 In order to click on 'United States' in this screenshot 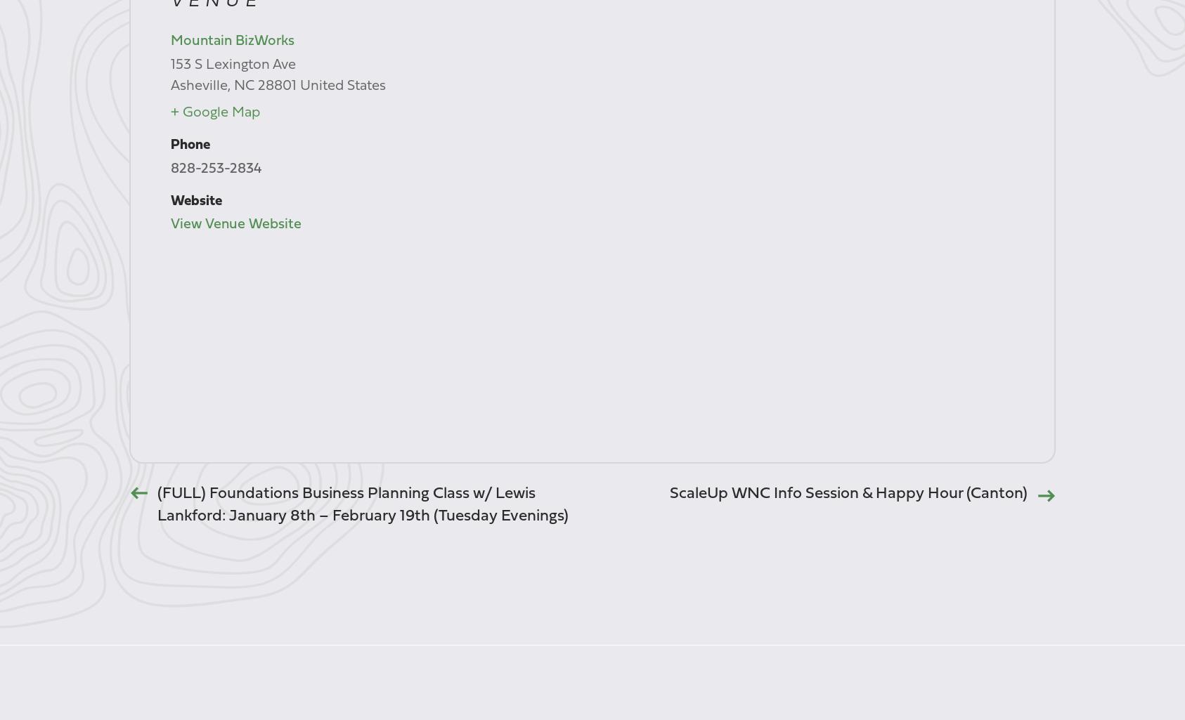, I will do `click(342, 85)`.